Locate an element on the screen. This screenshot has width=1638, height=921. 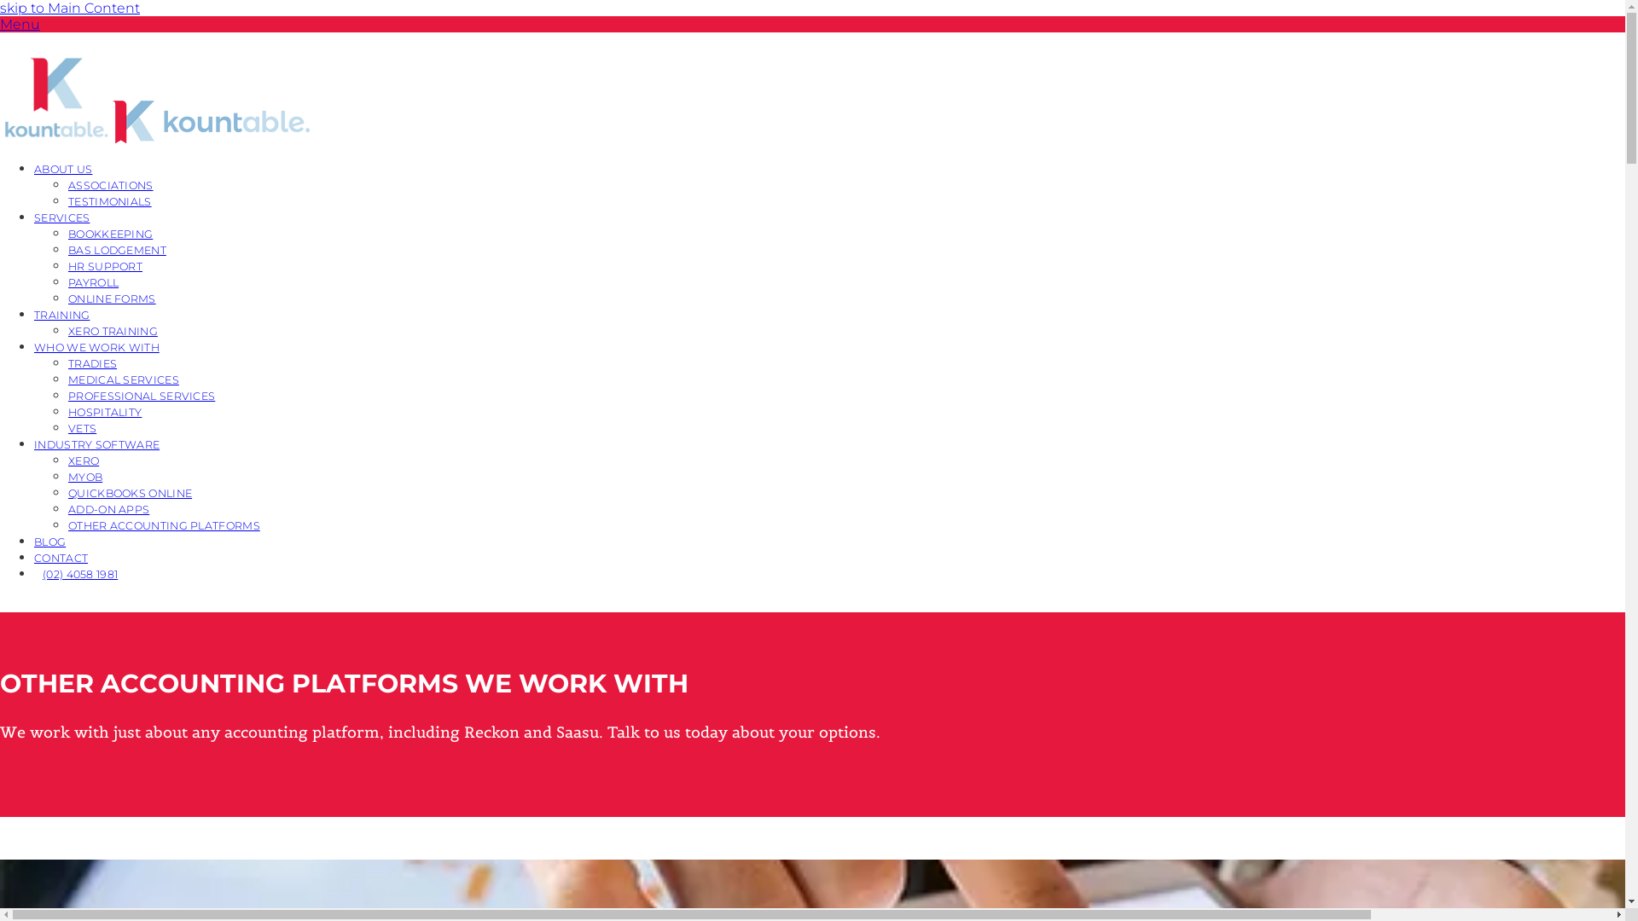
'BLOG' is located at coordinates (49, 541).